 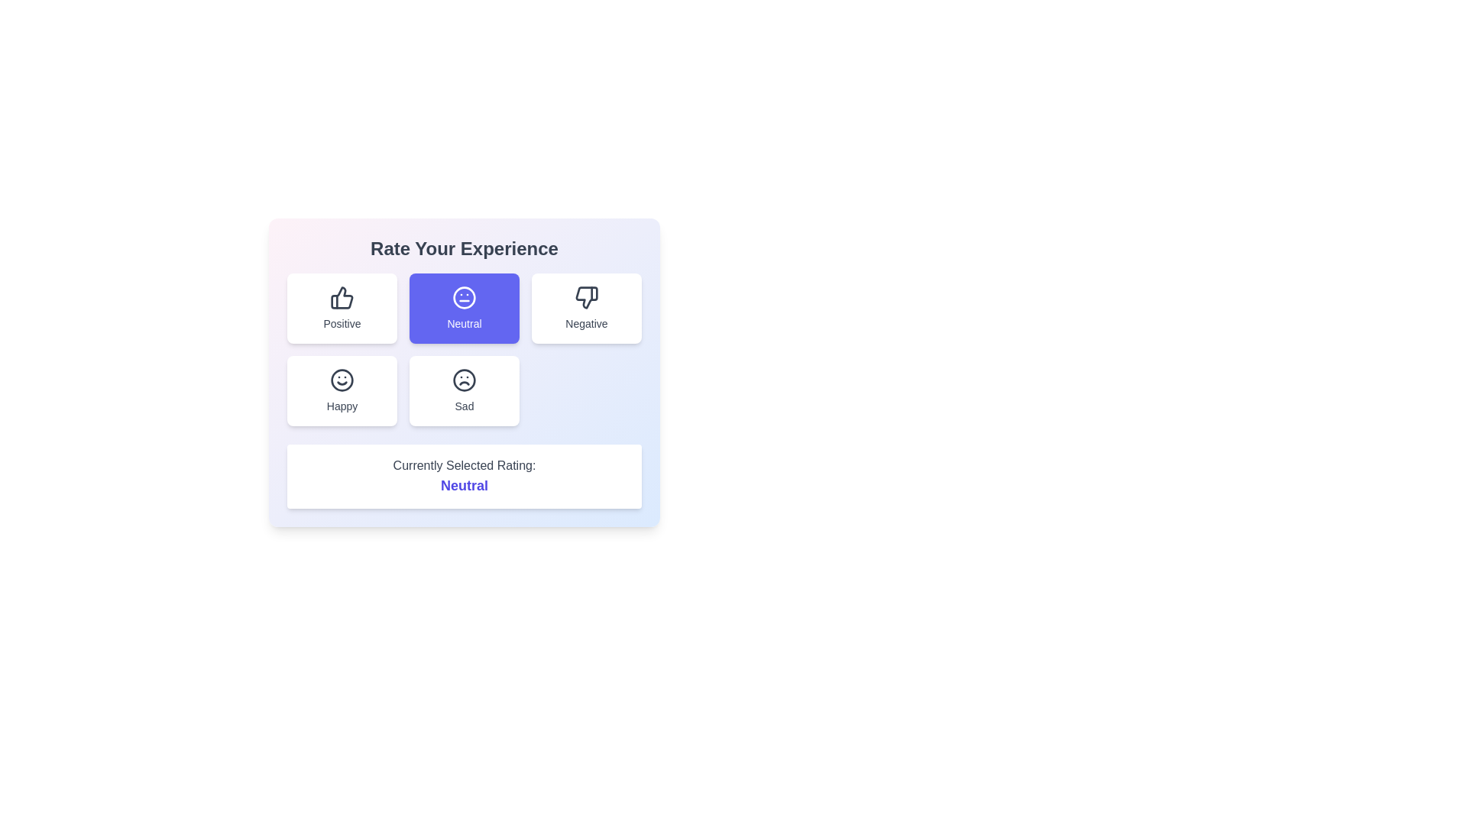 I want to click on the button labeled Negative to see its hover effect, so click(x=586, y=309).